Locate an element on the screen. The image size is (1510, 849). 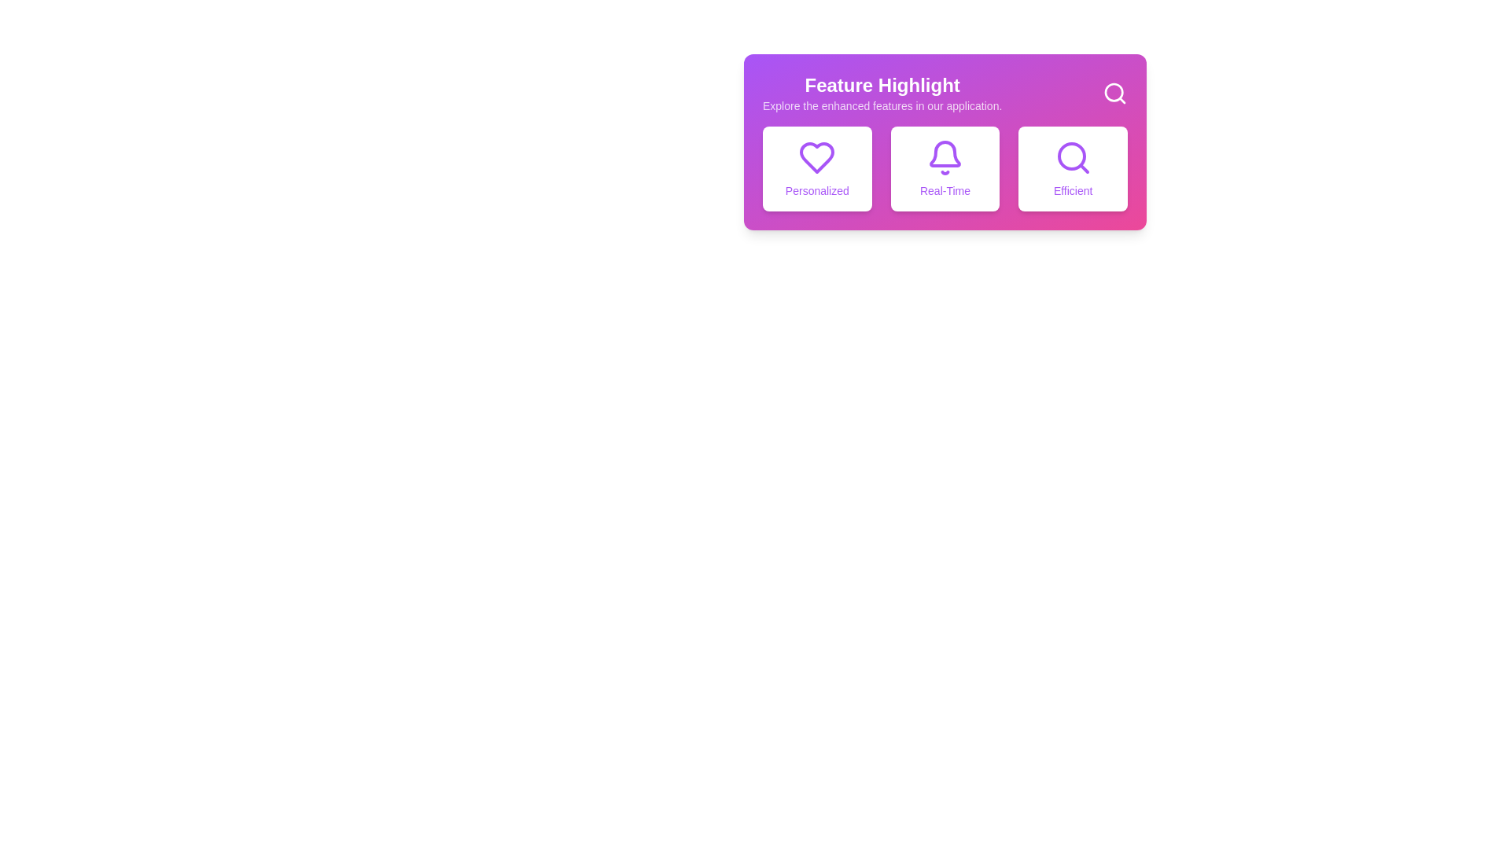
the heart-shaped icon with a hollow interior and a purple outline, which is positioned above the 'Personalized' label in the first rounded rectangular card is located at coordinates (817, 157).